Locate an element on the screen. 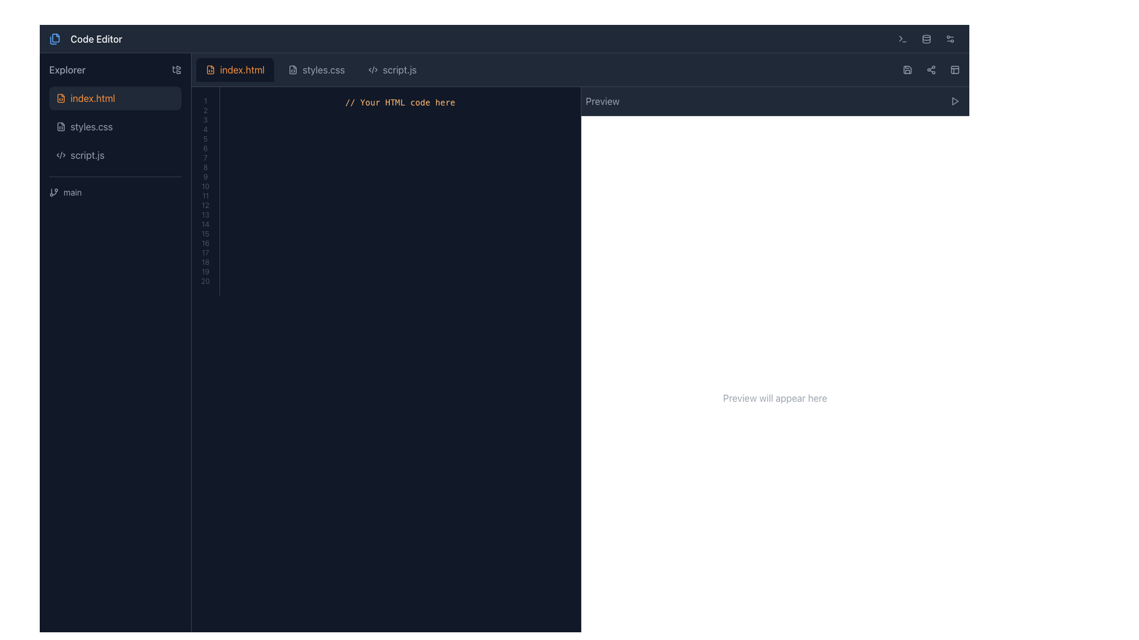 This screenshot has height=640, width=1139. the Text label displaying the number '10', which is centrally aligned in a vertical list on the left side of the interface is located at coordinates (205, 187).